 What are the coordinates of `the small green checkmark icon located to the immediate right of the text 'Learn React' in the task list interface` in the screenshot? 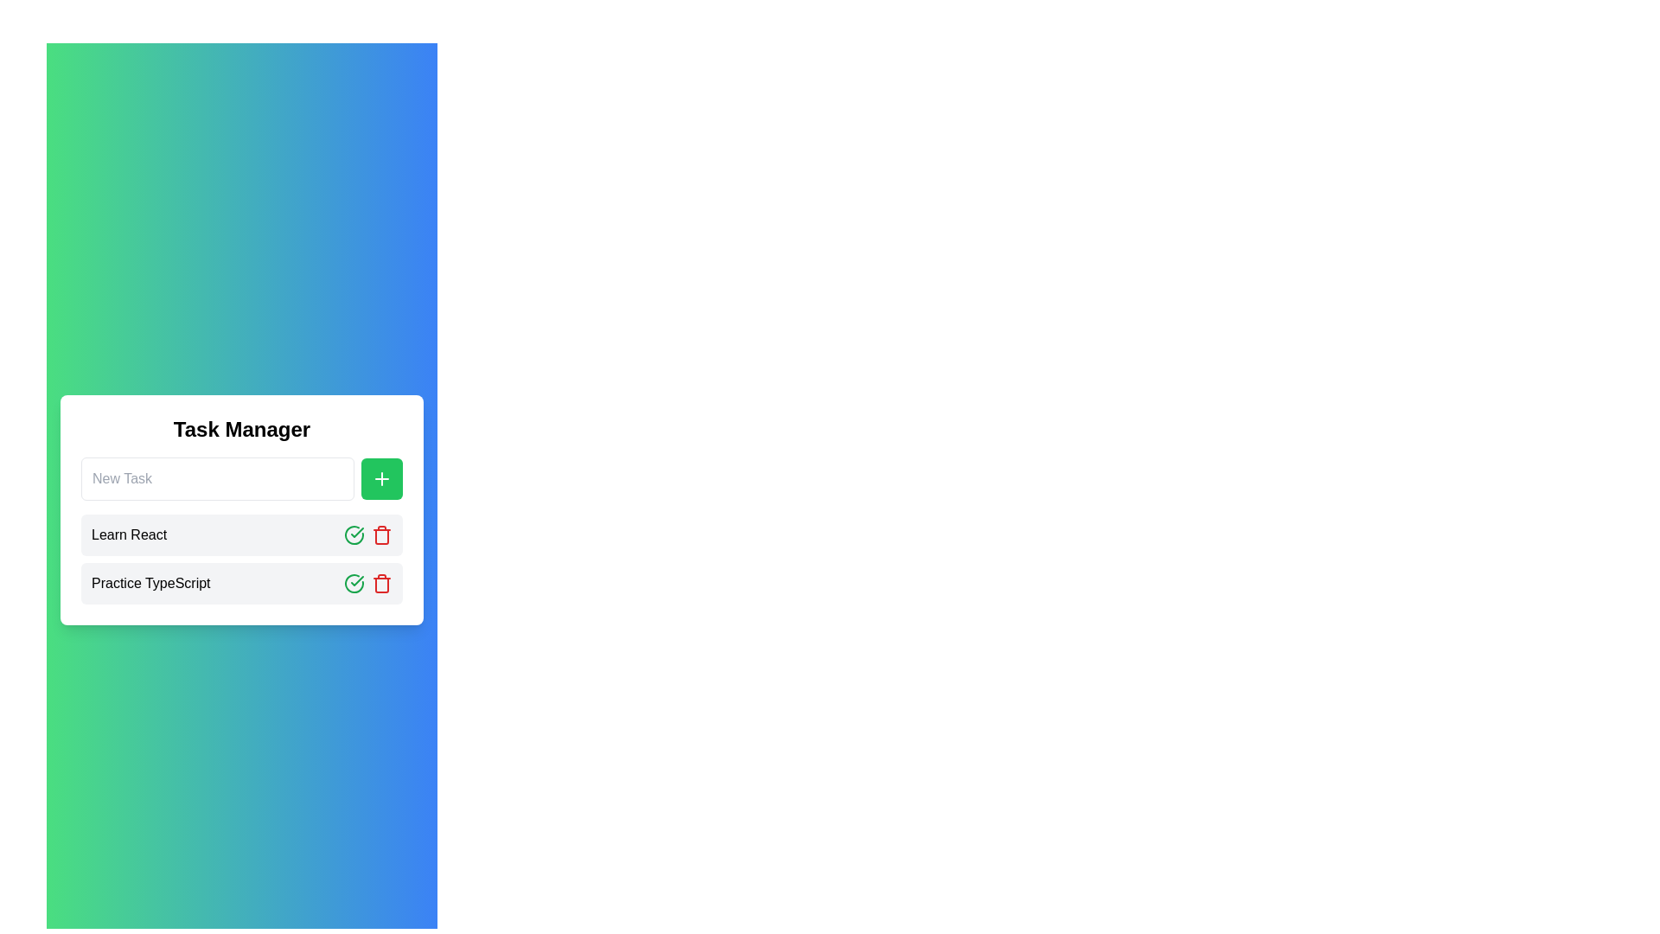 It's located at (356, 580).